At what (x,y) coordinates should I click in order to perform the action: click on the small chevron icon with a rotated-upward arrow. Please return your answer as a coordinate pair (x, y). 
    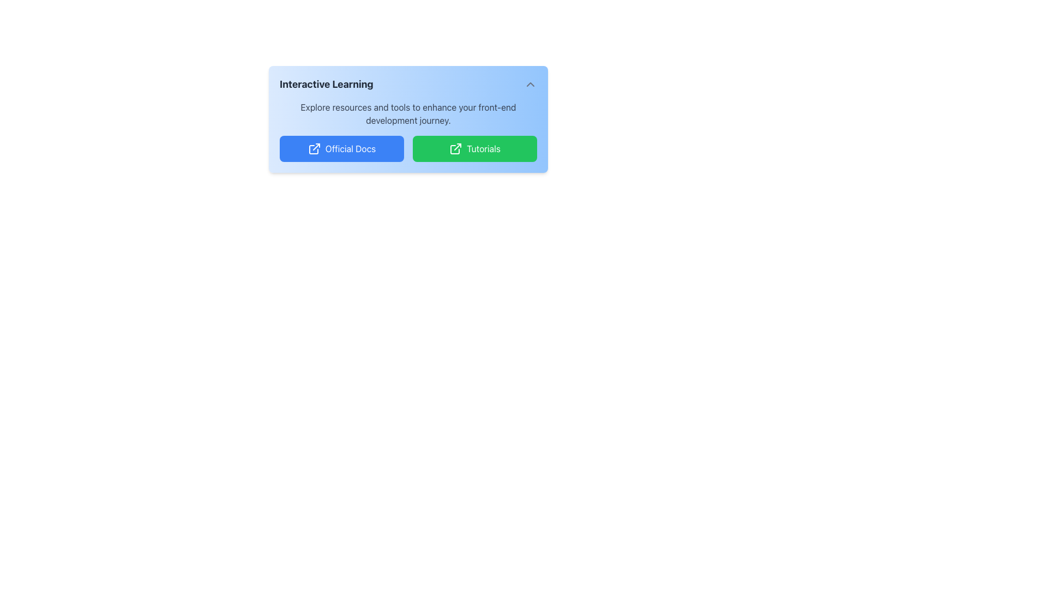
    Looking at the image, I should click on (531, 83).